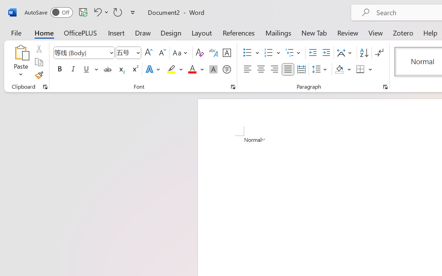 This screenshot has height=276, width=442. I want to click on 'Font', so click(81, 52).